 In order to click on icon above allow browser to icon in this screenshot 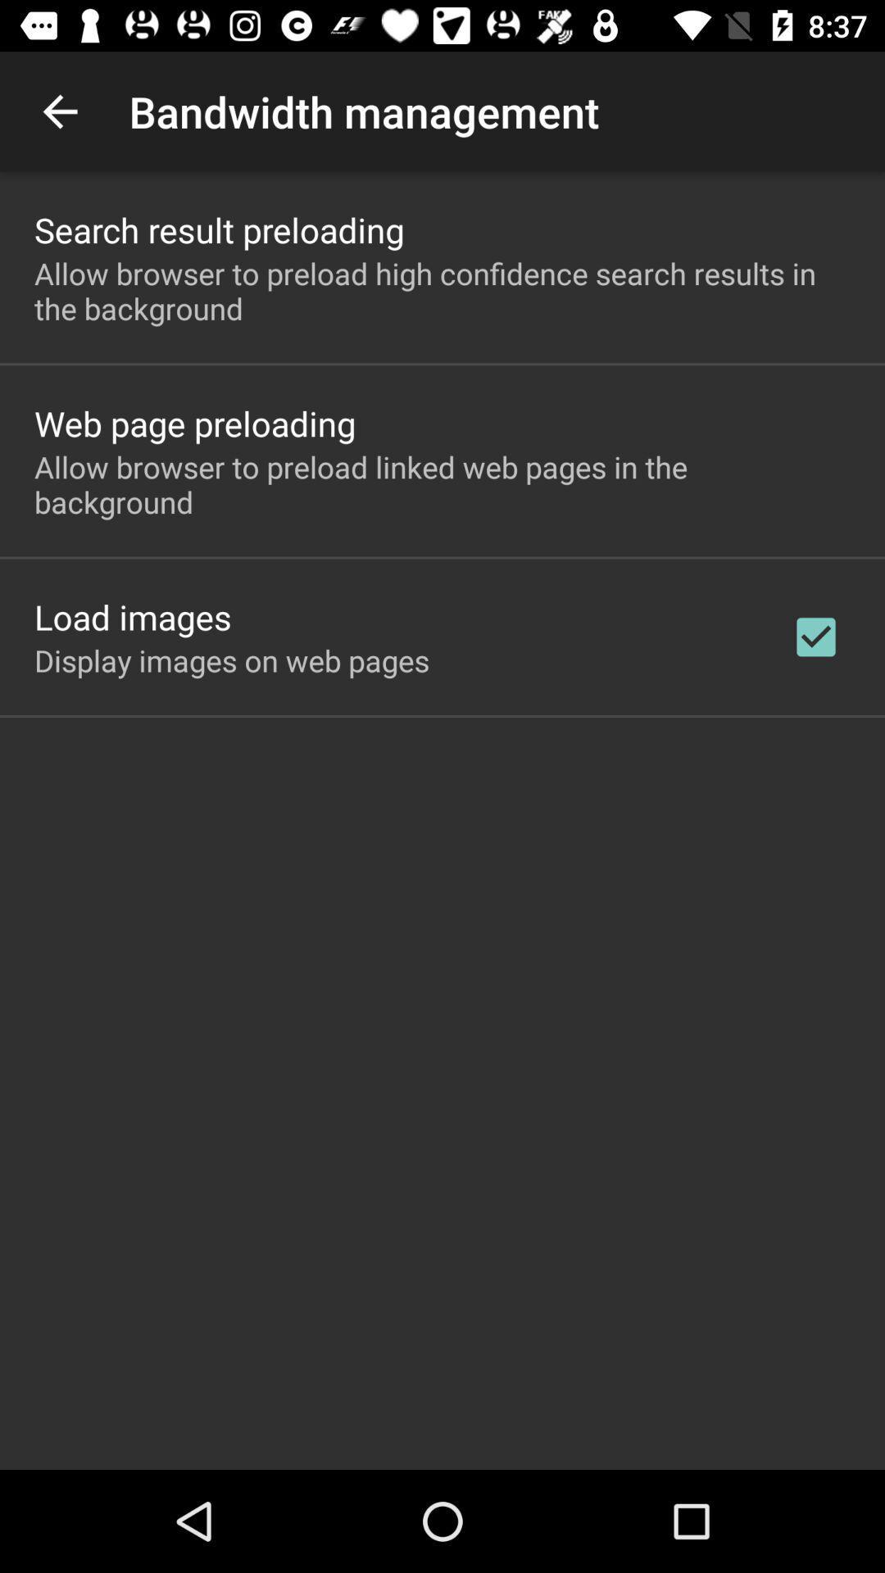, I will do `click(218, 229)`.